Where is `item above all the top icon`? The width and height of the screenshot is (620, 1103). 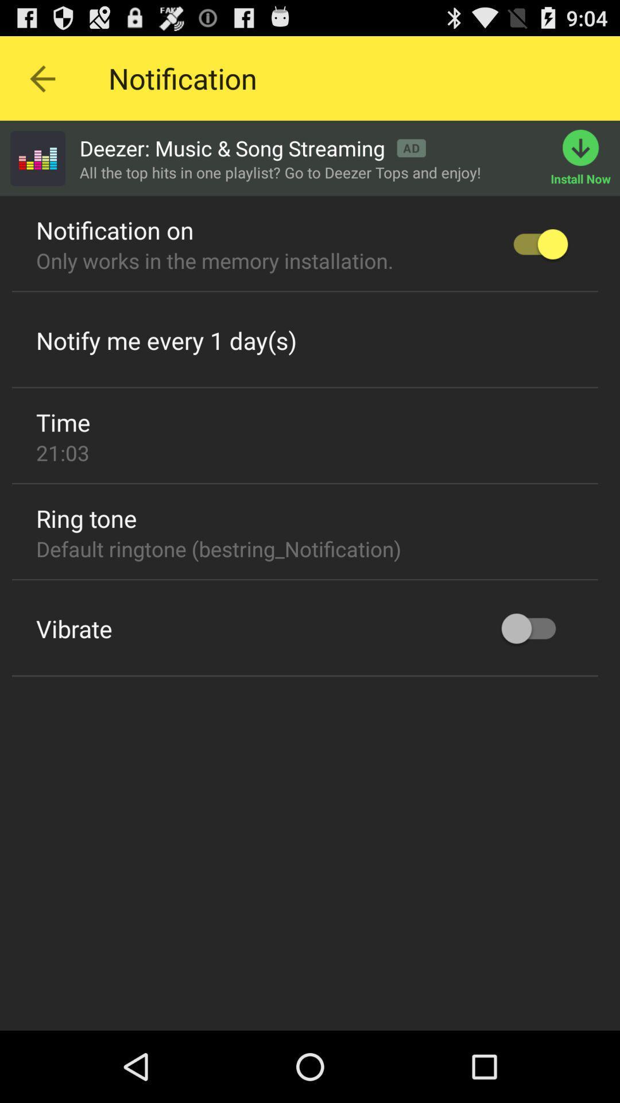
item above all the top icon is located at coordinates (252, 148).